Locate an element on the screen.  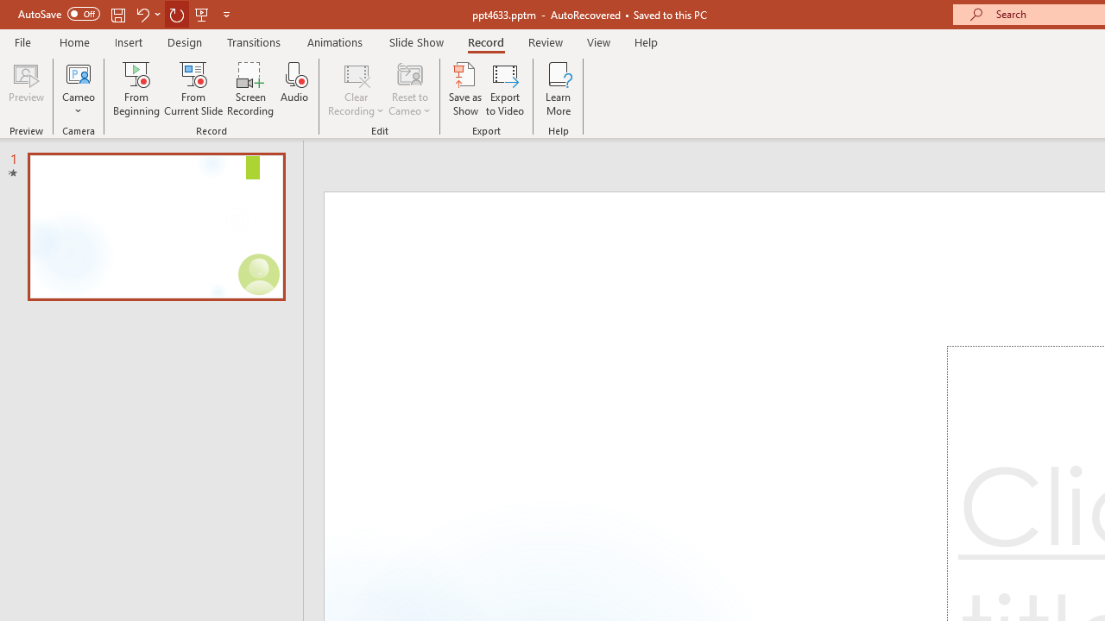
'Customize Quick Access Toolbar' is located at coordinates (226, 14).